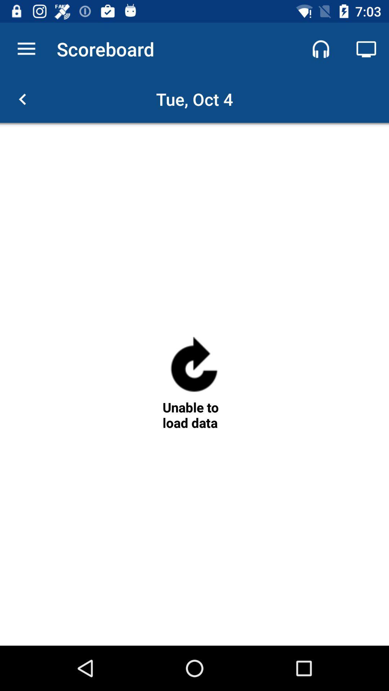 The width and height of the screenshot is (389, 691). I want to click on tue, oct 4 icon, so click(194, 99).